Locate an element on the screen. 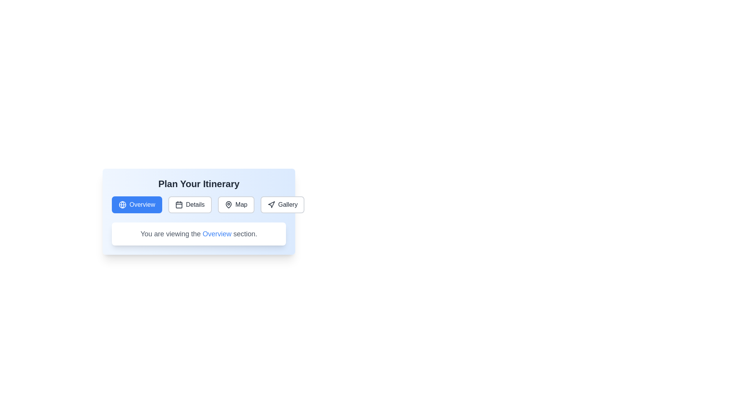 This screenshot has height=415, width=738. the small globe icon located within the blue 'Overview' button is located at coordinates (122, 204).